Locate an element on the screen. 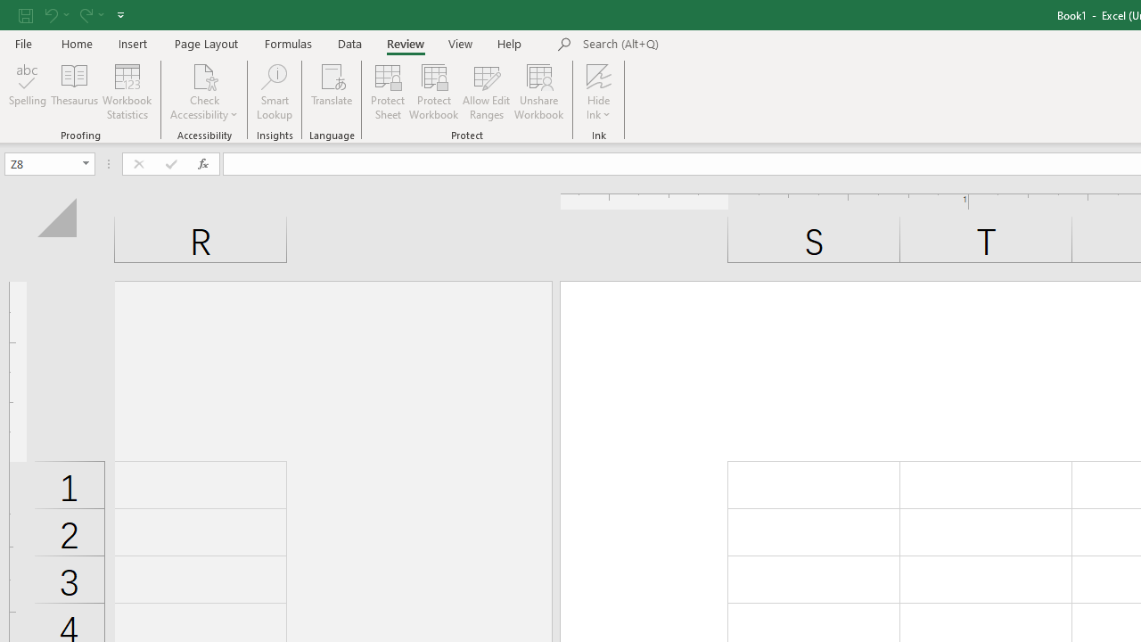 This screenshot has height=642, width=1141. 'Protect Sheet...' is located at coordinates (387, 92).